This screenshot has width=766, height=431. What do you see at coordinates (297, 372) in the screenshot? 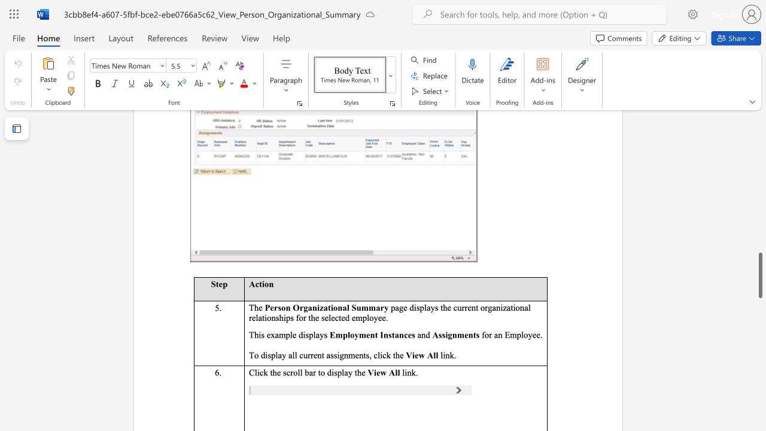
I see `the subset text "ll b" within the text "Click the scroll bar to display t"` at bounding box center [297, 372].